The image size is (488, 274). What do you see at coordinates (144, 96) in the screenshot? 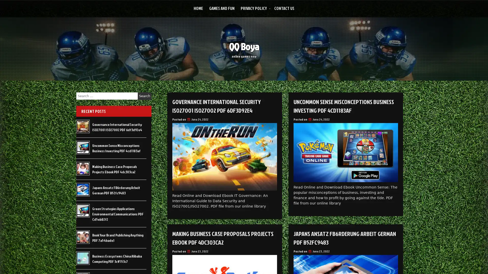
I see `Search` at bounding box center [144, 96].